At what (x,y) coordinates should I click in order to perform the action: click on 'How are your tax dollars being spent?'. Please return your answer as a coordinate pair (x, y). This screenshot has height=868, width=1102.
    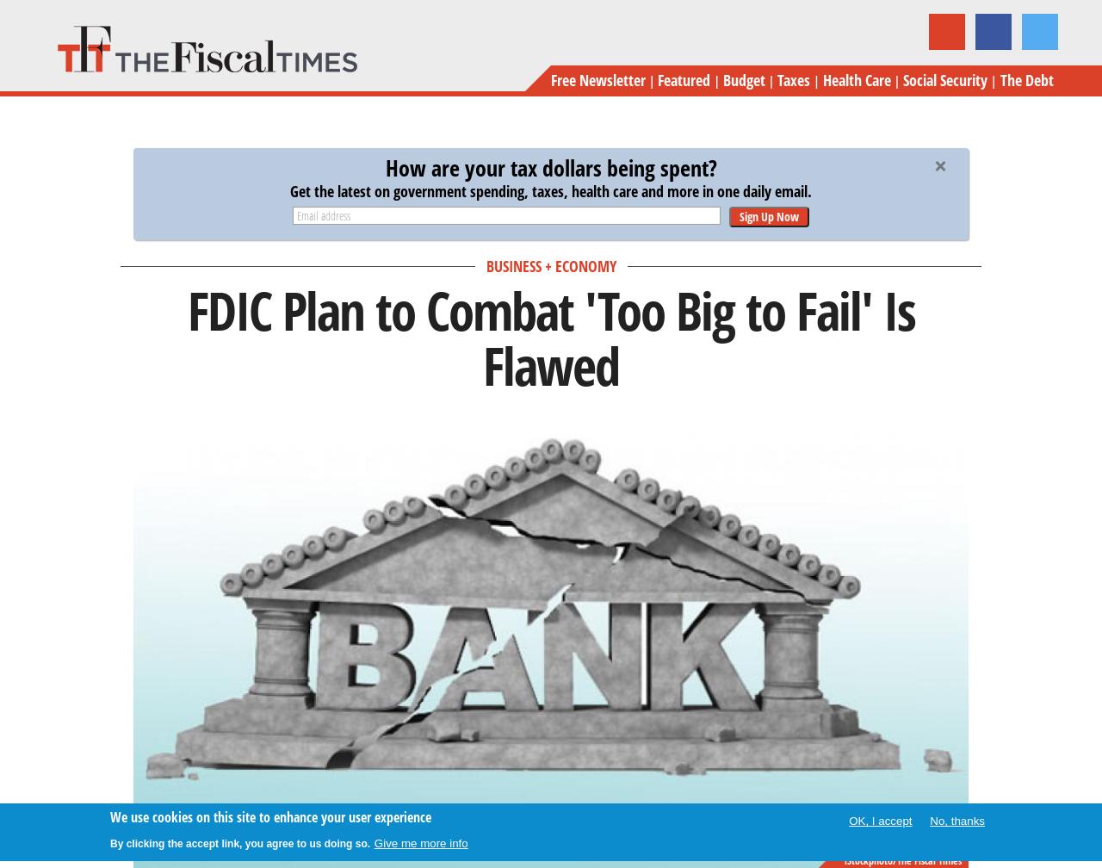
    Looking at the image, I should click on (549, 168).